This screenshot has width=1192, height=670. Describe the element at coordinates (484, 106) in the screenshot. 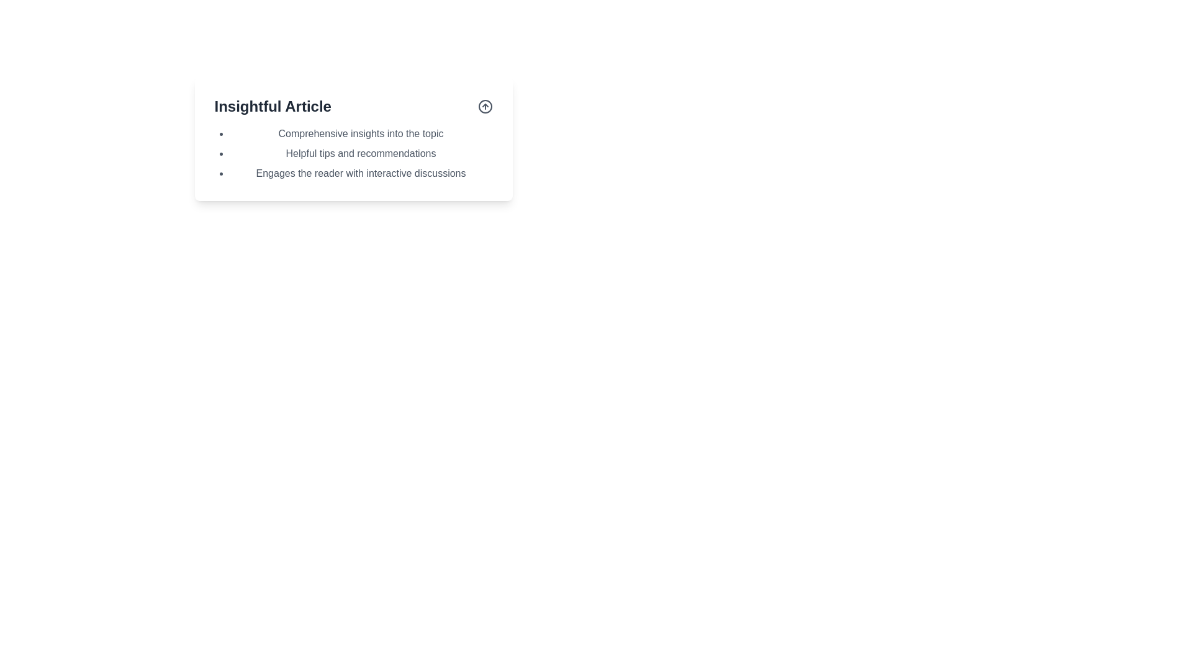

I see `the circular arrow icon indicating an action, which is positioned to the right of the text 'Insightful Article'` at that location.